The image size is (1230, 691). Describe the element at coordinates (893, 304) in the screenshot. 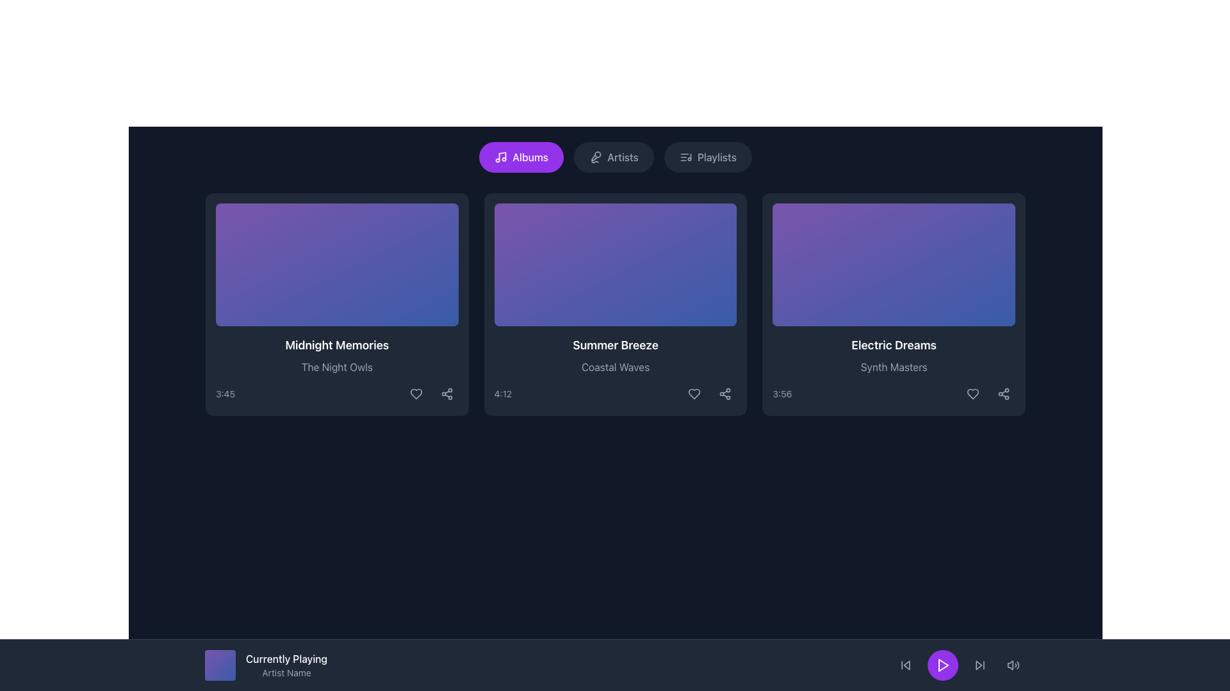

I see `the third music track card in the Albums section` at that location.